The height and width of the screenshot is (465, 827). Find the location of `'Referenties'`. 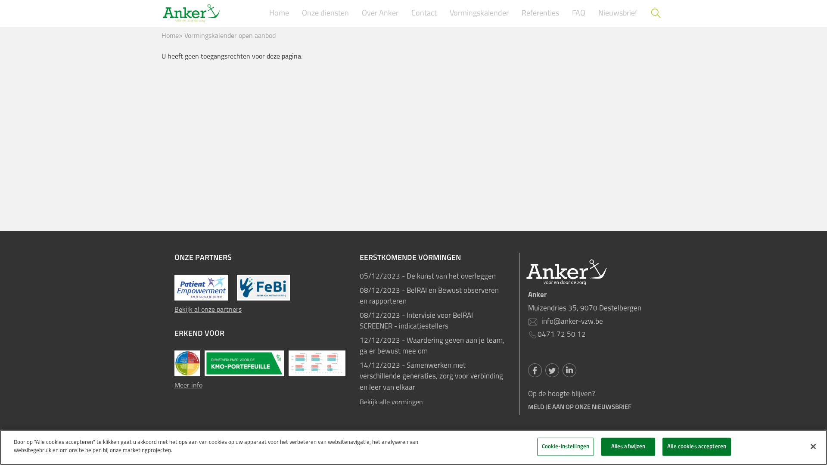

'Referenties' is located at coordinates (517, 13).